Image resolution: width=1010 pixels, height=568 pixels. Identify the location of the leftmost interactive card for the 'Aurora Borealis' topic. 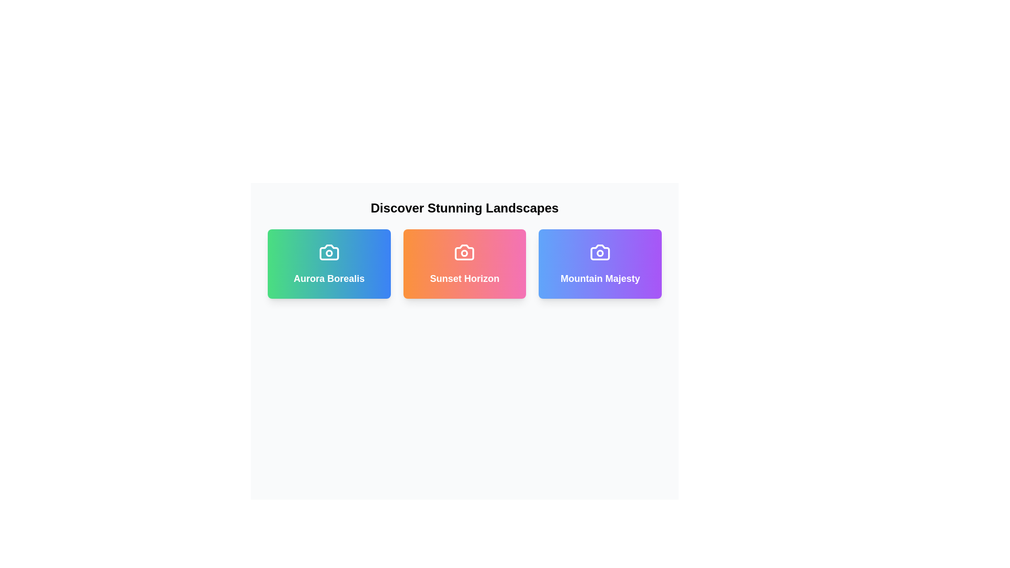
(328, 263).